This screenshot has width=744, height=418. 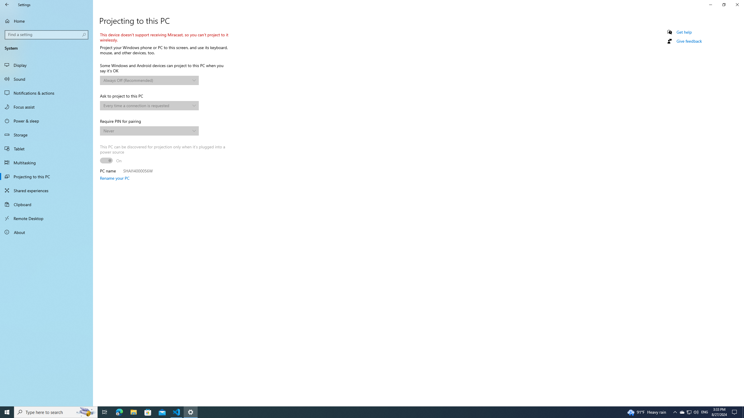 What do you see at coordinates (46, 204) in the screenshot?
I see `'Clipboard'` at bounding box center [46, 204].